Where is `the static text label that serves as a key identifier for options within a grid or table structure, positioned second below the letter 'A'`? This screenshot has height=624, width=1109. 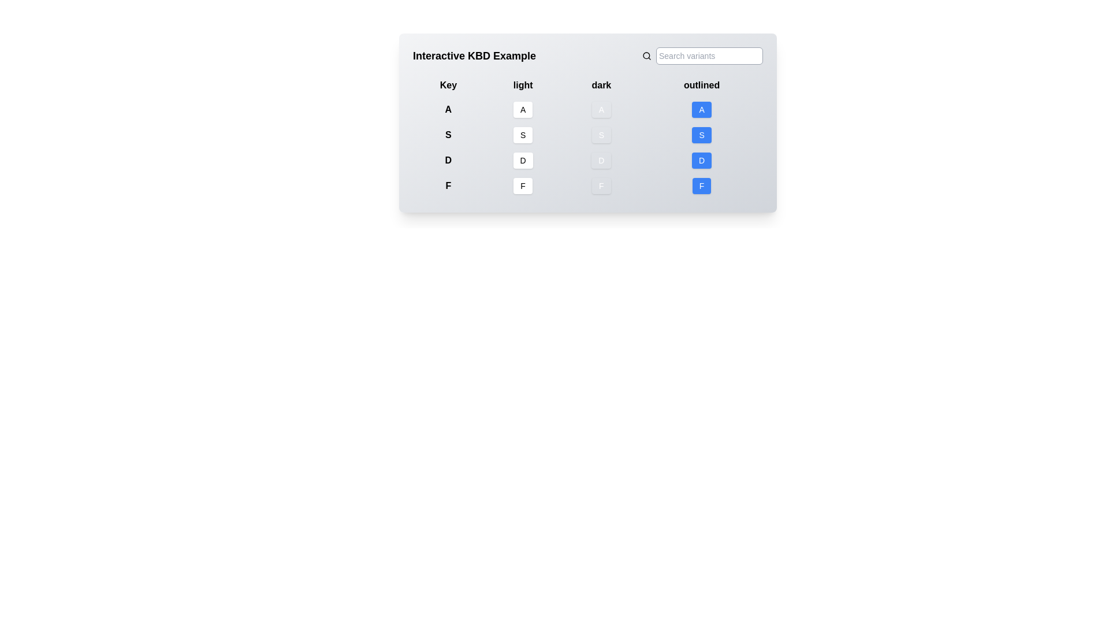
the static text label that serves as a key identifier for options within a grid or table structure, positioned second below the letter 'A' is located at coordinates (448, 135).